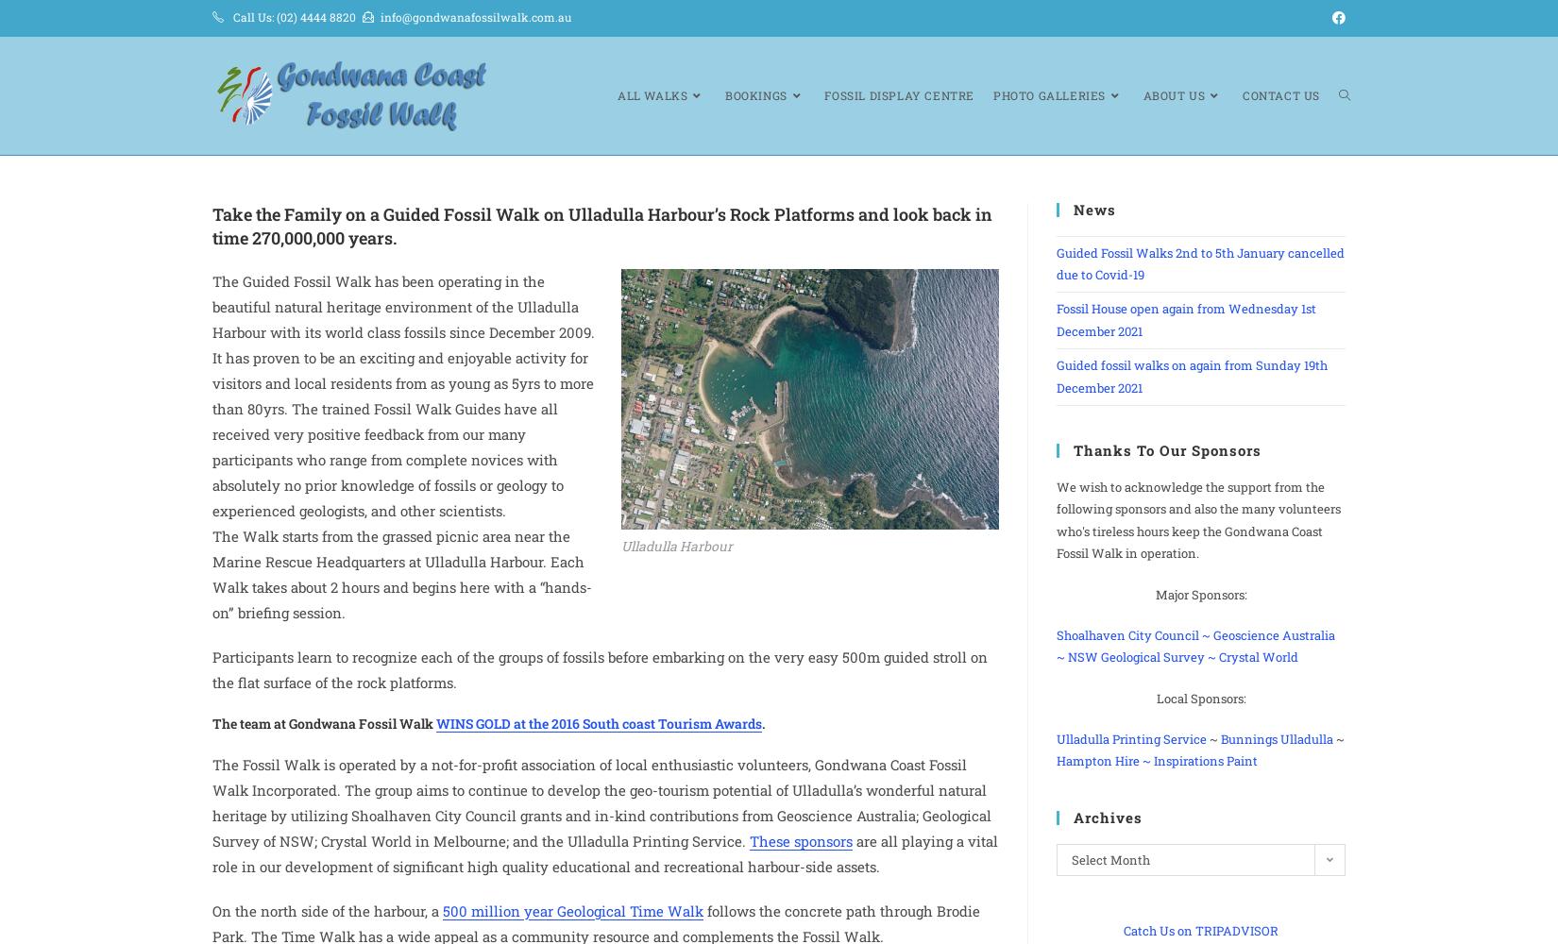  Describe the element at coordinates (402, 395) in the screenshot. I see `'The Guided Fossil Walk has been operating in the beautiful natural heritage environment of the Ulladulla Harbour with its world class fossils since December 2009. It has proven to be an exciting and enjoyable activity for visitors and local residents from as young as 5yrs to more than 80yrs. The trained Fossil Walk Guides have all received very positive feedback from our many participants who range from complete novices with absolutely no prior knowledge of fossils or geology to experienced geologists, and other scientists.'` at that location.